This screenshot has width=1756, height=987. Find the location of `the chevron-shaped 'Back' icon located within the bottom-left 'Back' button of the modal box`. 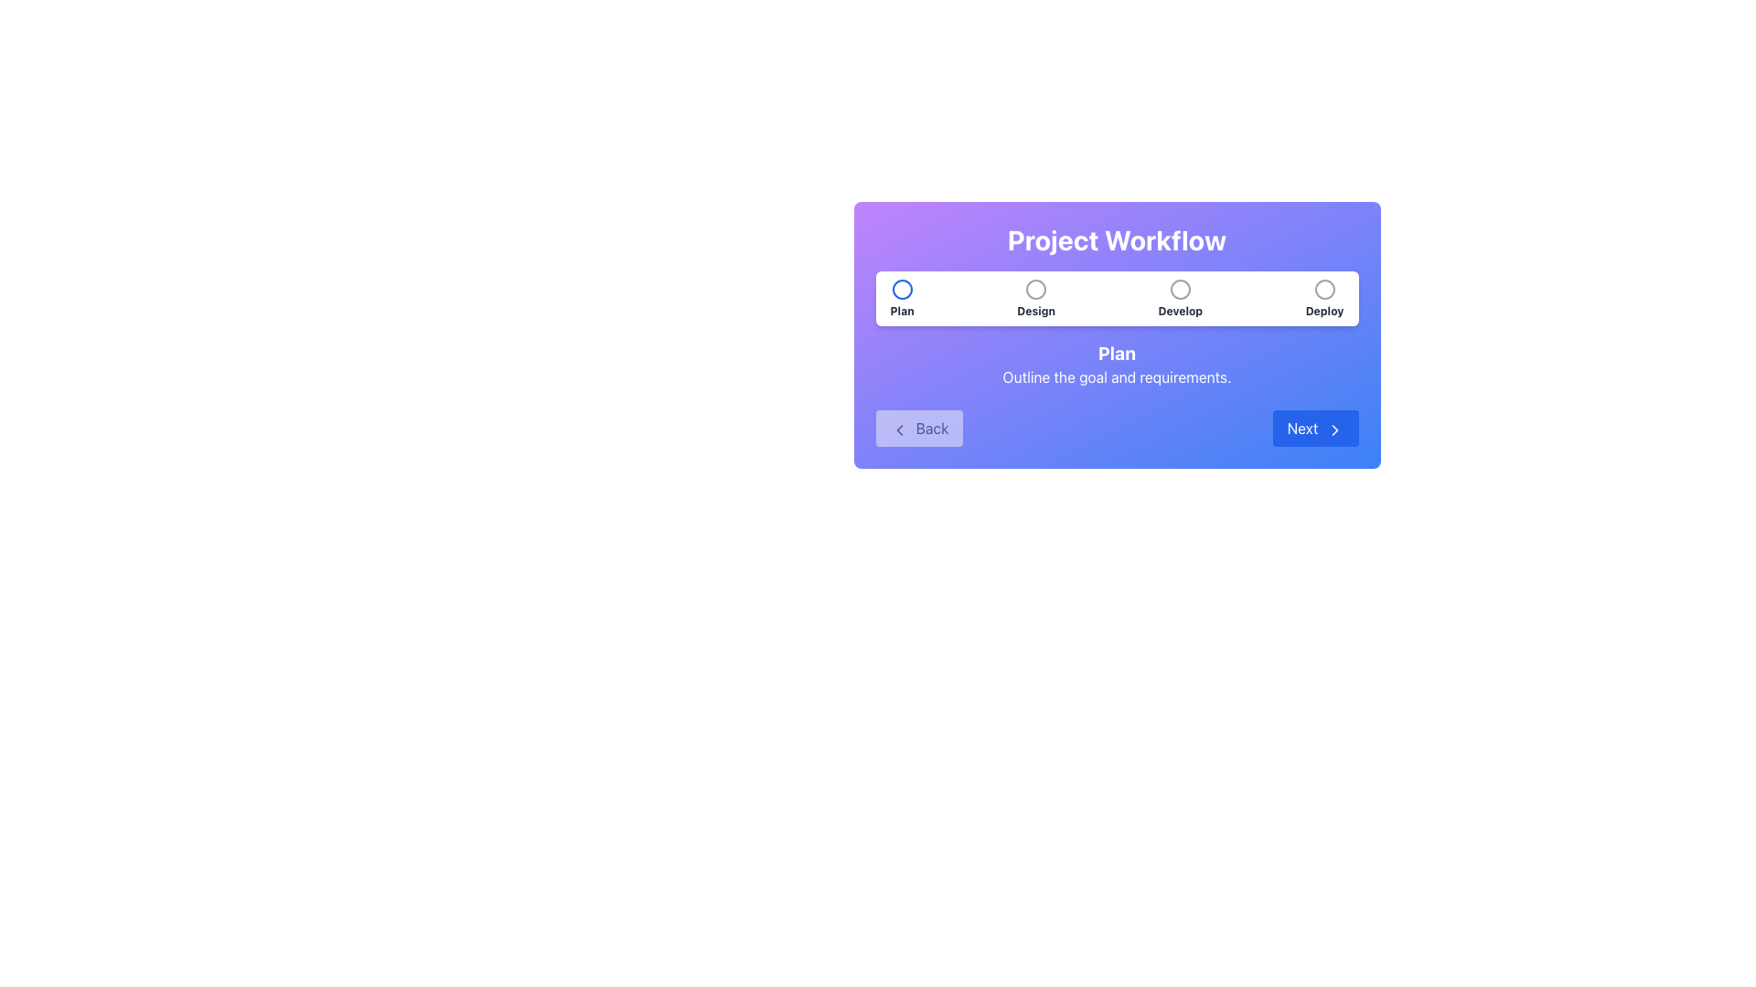

the chevron-shaped 'Back' icon located within the bottom-left 'Back' button of the modal box is located at coordinates (899, 430).